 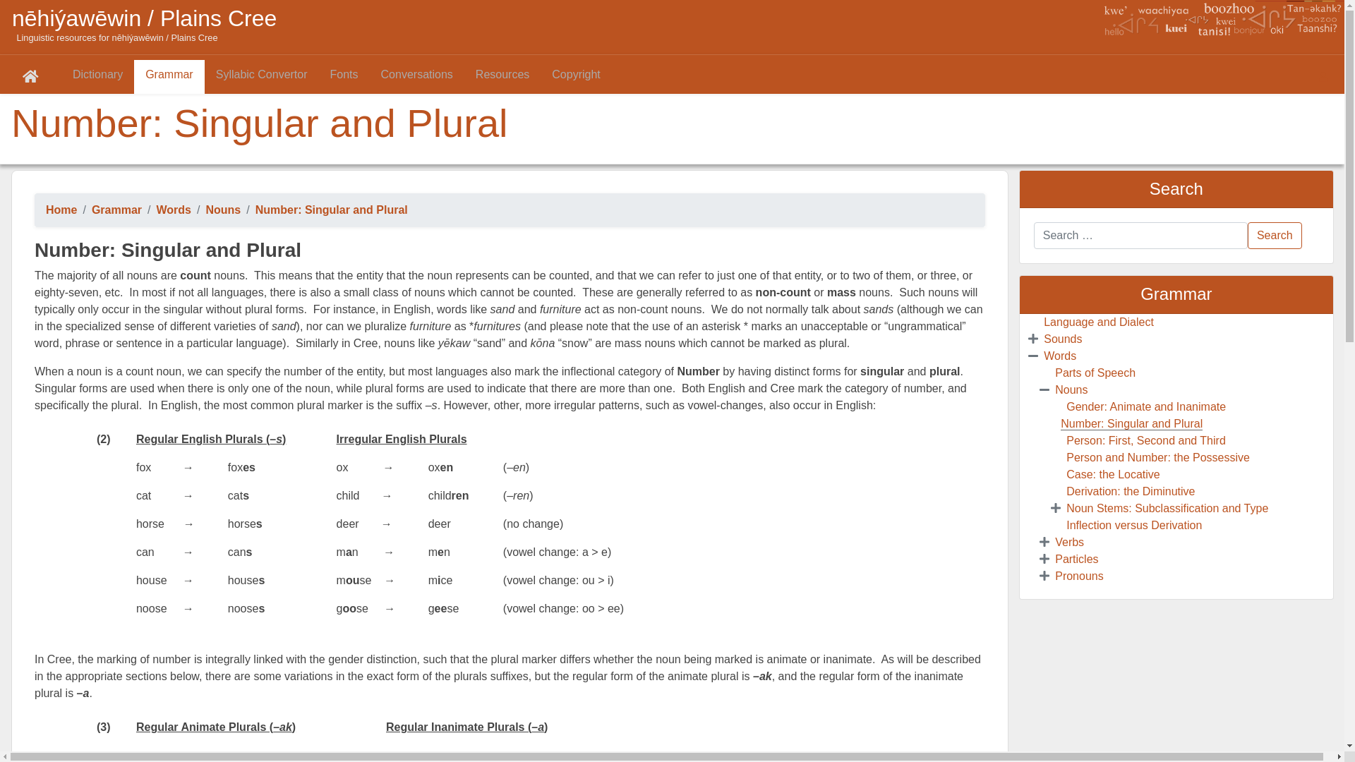 What do you see at coordinates (1066, 406) in the screenshot?
I see `'Gender: Animate and Inanimate'` at bounding box center [1066, 406].